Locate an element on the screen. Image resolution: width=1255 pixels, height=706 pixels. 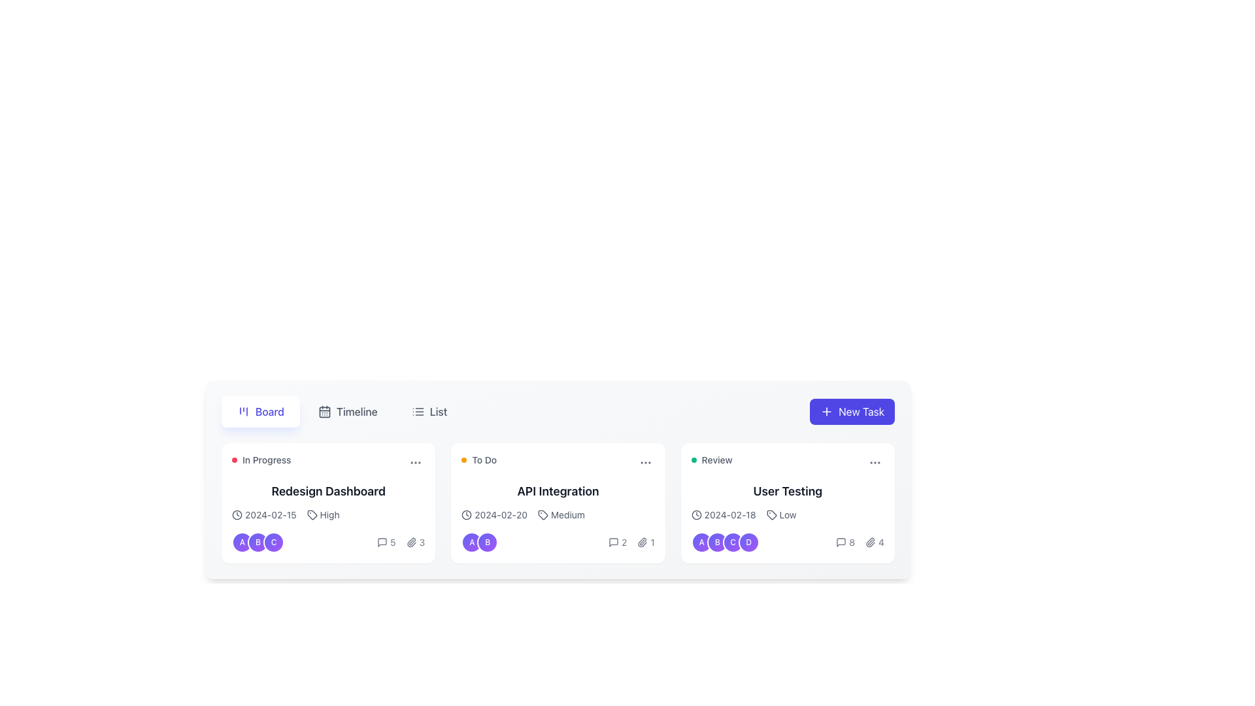
the Avatar group element located within the 'In Progress' task card under the 'Board' section, which is below the task details and grouped with 'A' and 'C' icons, with 'B' in the center is located at coordinates (258, 542).